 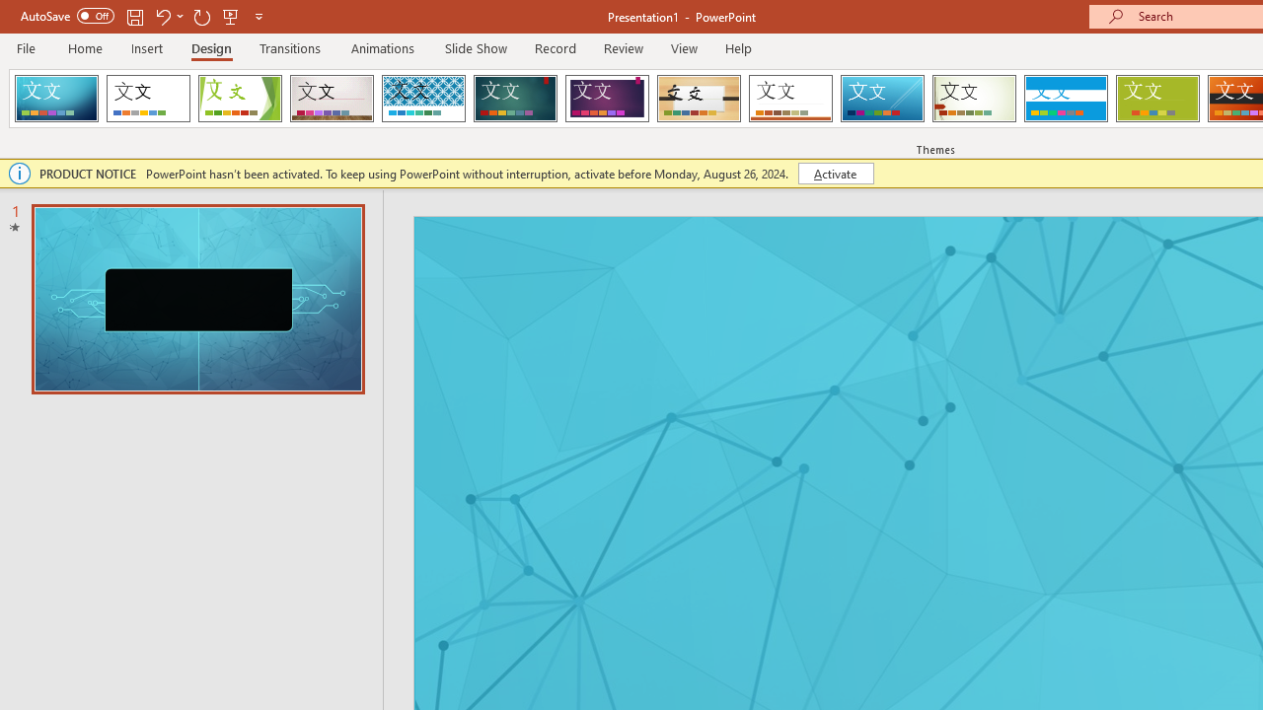 What do you see at coordinates (836, 173) in the screenshot?
I see `'Activate'` at bounding box center [836, 173].